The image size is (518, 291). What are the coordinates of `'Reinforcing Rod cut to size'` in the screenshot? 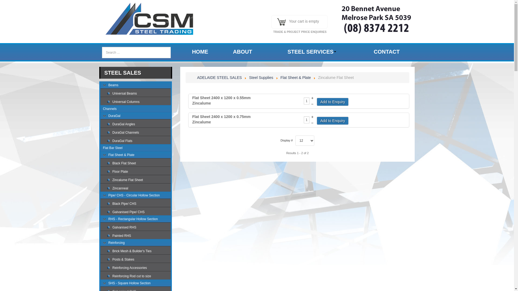 It's located at (139, 276).